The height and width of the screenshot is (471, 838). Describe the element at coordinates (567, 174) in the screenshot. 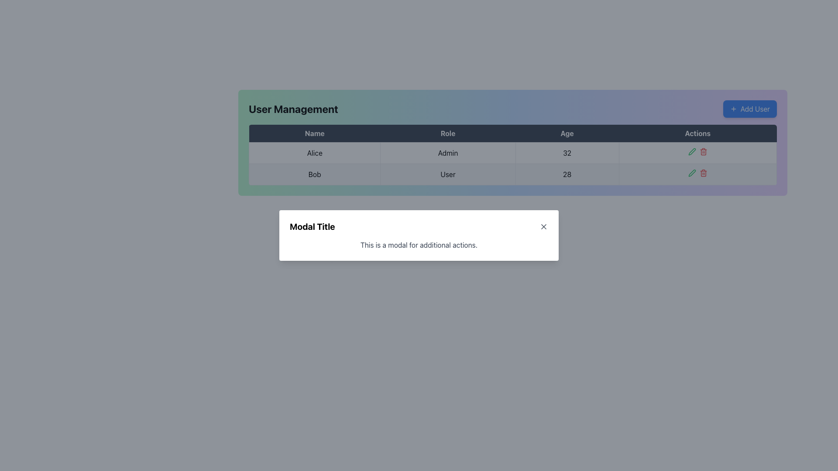

I see `the age display for user 'Bob' located in the 'User Management' table, specifically in the fourth column of the second row` at that location.